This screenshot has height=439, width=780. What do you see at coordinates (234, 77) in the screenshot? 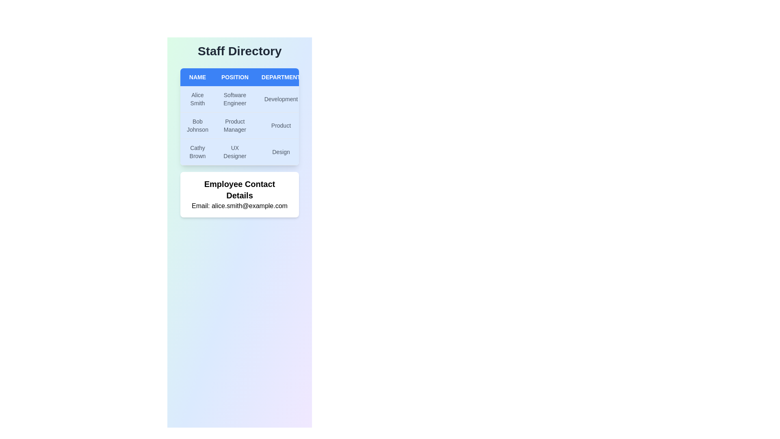
I see `the 'Position' table header cell, which is the second column in the header row of the table, styled with bold white text on a blue background` at bounding box center [234, 77].